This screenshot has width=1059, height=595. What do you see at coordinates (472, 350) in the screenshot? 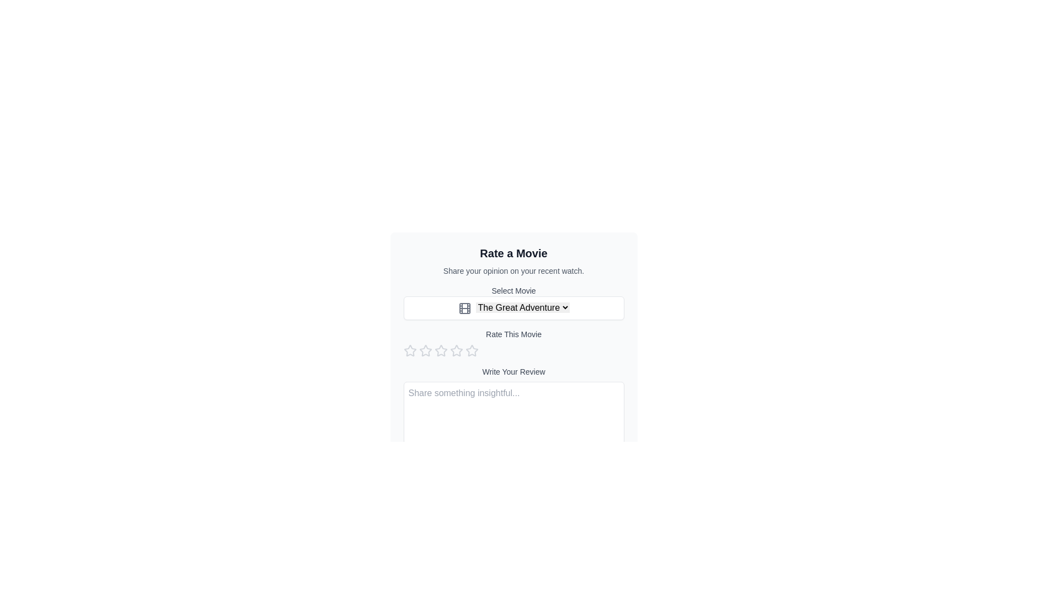
I see `the fourth unselected rating star icon in the 'Rate This Movie' section` at bounding box center [472, 350].